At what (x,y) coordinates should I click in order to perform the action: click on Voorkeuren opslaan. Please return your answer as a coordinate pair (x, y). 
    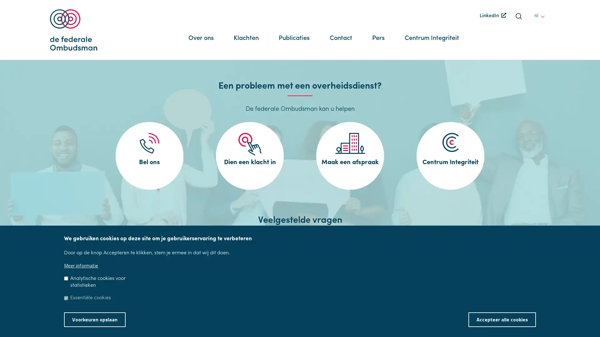
    Looking at the image, I should click on (94, 319).